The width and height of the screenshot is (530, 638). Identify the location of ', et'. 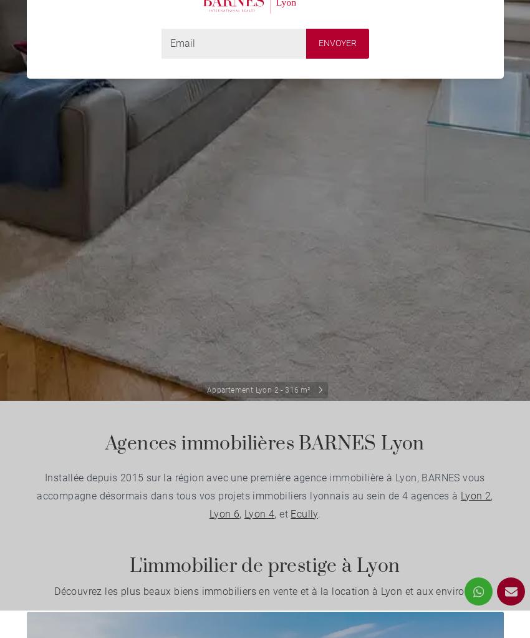
(273, 513).